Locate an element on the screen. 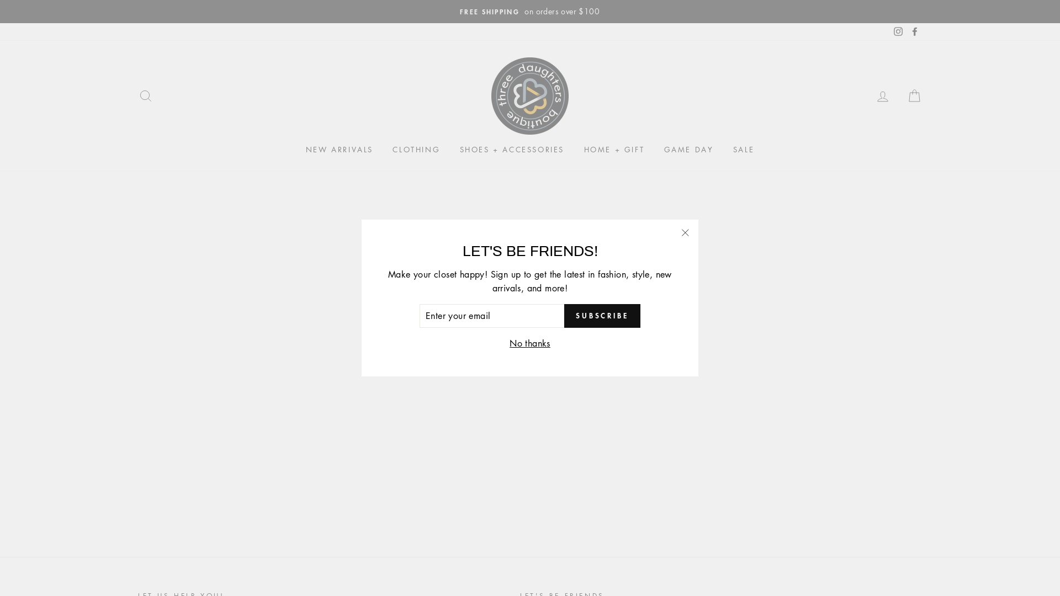 This screenshot has width=1060, height=596. 'Instagram' is located at coordinates (898, 31).